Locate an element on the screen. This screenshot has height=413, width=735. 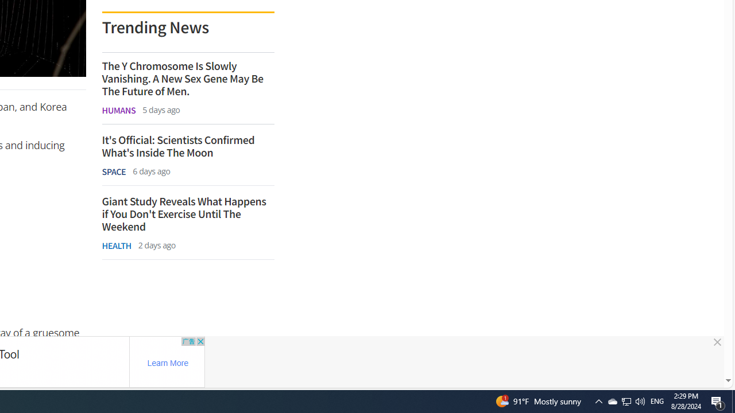
'HUMANS' is located at coordinates (118, 110).